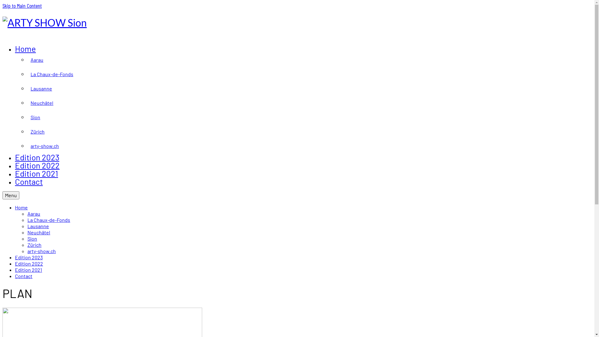  I want to click on 'Lausanne', so click(38, 226).